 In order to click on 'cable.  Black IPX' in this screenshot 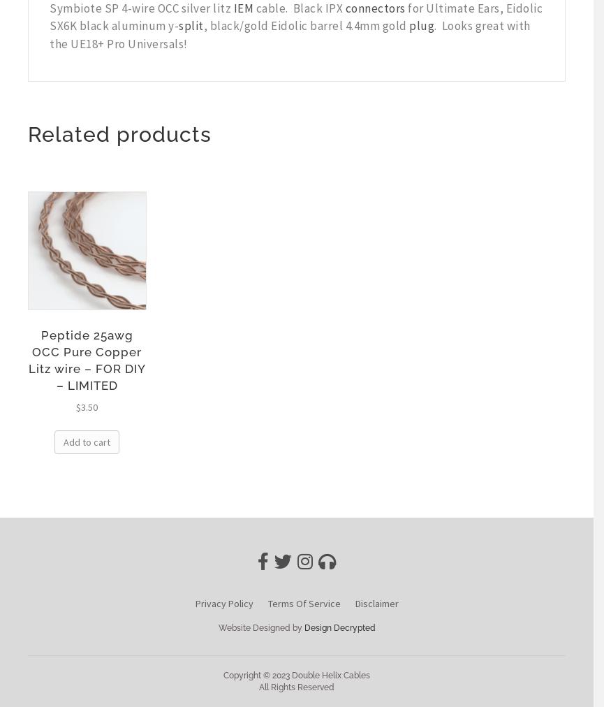, I will do `click(299, 7)`.